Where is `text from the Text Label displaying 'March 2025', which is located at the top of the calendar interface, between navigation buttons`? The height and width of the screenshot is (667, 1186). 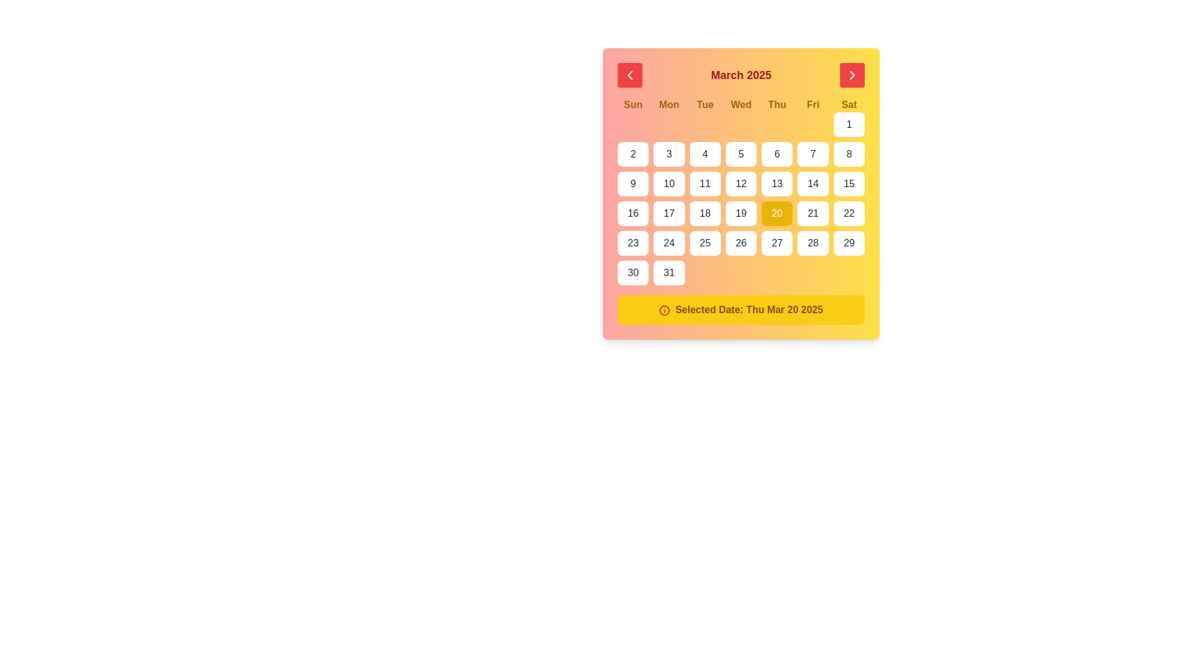 text from the Text Label displaying 'March 2025', which is located at the top of the calendar interface, between navigation buttons is located at coordinates (741, 75).